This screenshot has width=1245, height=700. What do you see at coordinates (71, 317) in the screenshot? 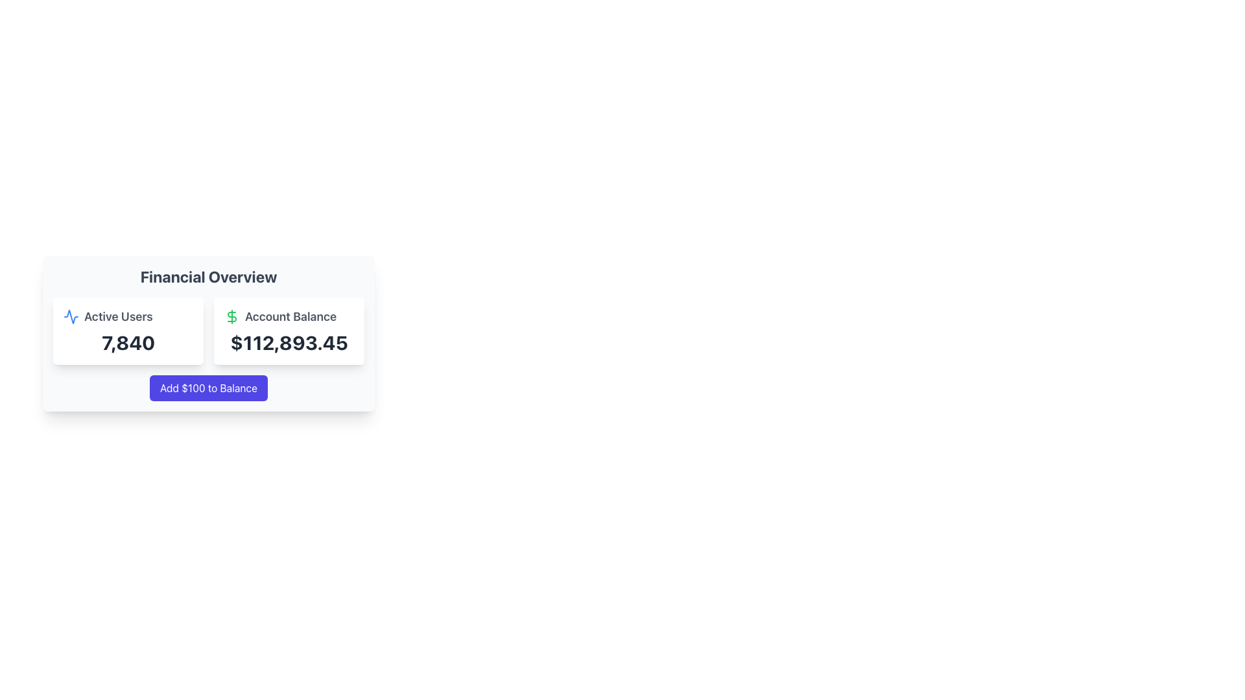
I see `the SVG graphical element resembling a zigzag or activity waveform line, which is part of the 'Active Users' card in the financial overview section` at bounding box center [71, 317].